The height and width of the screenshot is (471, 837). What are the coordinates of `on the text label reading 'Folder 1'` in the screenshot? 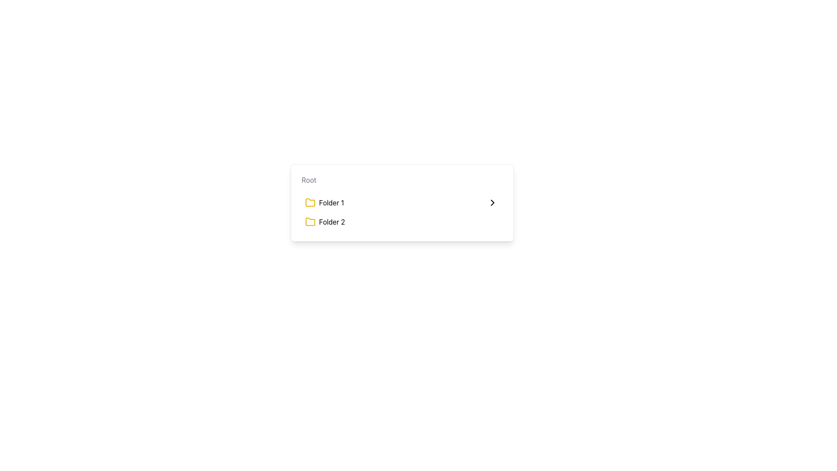 It's located at (331, 203).